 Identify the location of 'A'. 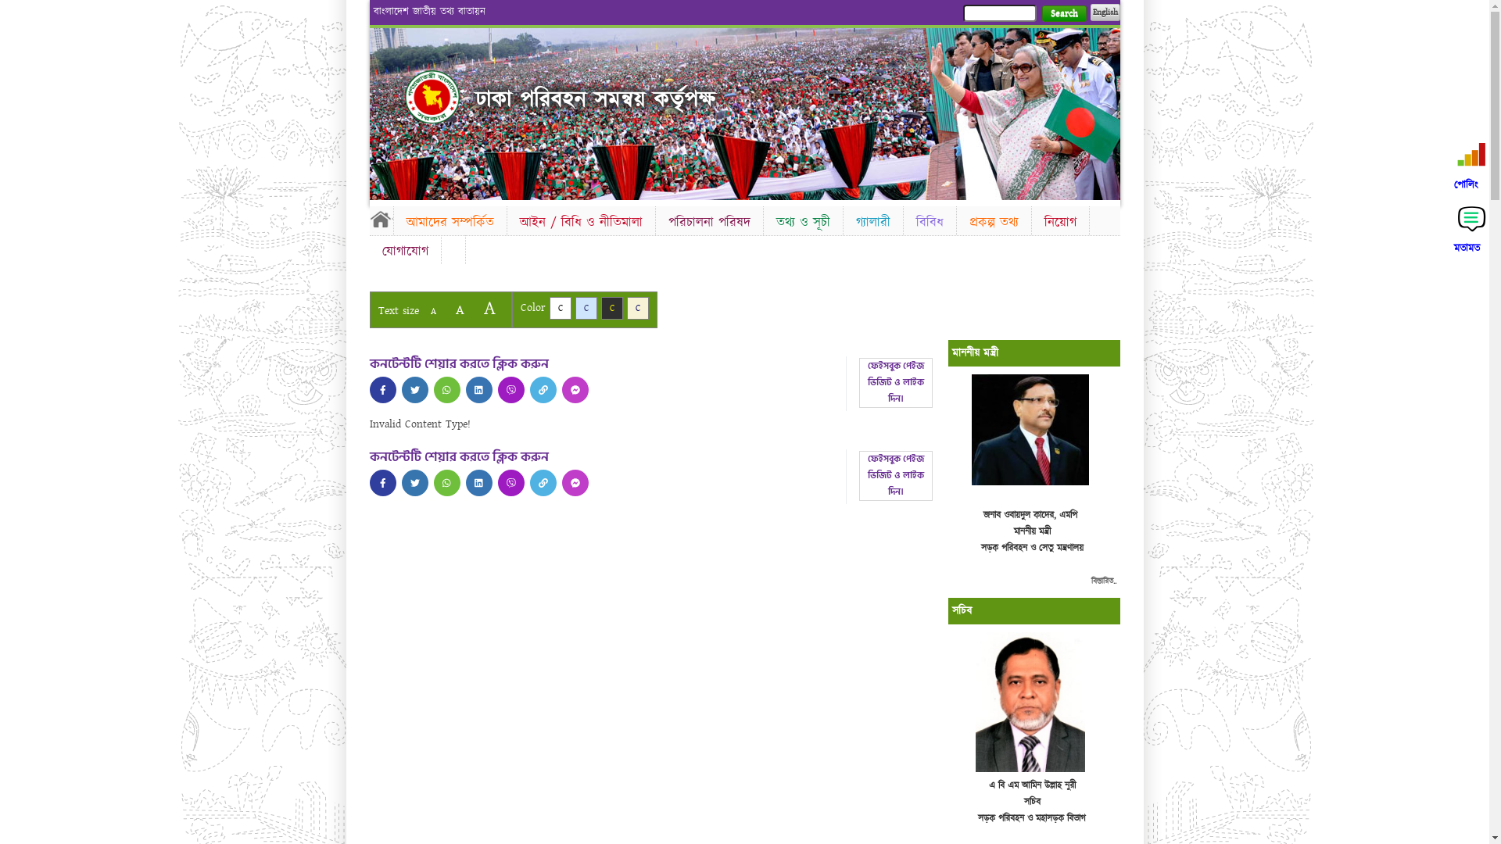
(432, 311).